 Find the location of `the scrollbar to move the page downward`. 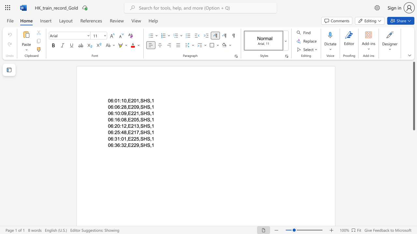

the scrollbar to move the page downward is located at coordinates (413, 188).